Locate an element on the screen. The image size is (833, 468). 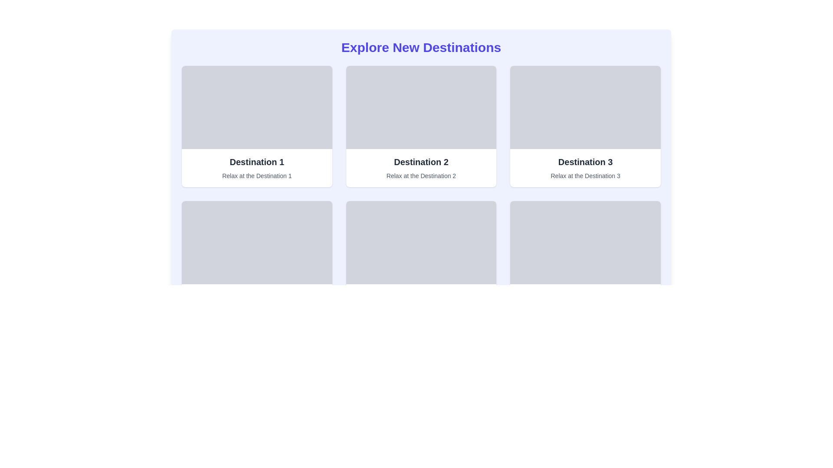
the details of the Card component representing 'Destination 3', located in the top-right corner of the grid layout is located at coordinates (585, 127).